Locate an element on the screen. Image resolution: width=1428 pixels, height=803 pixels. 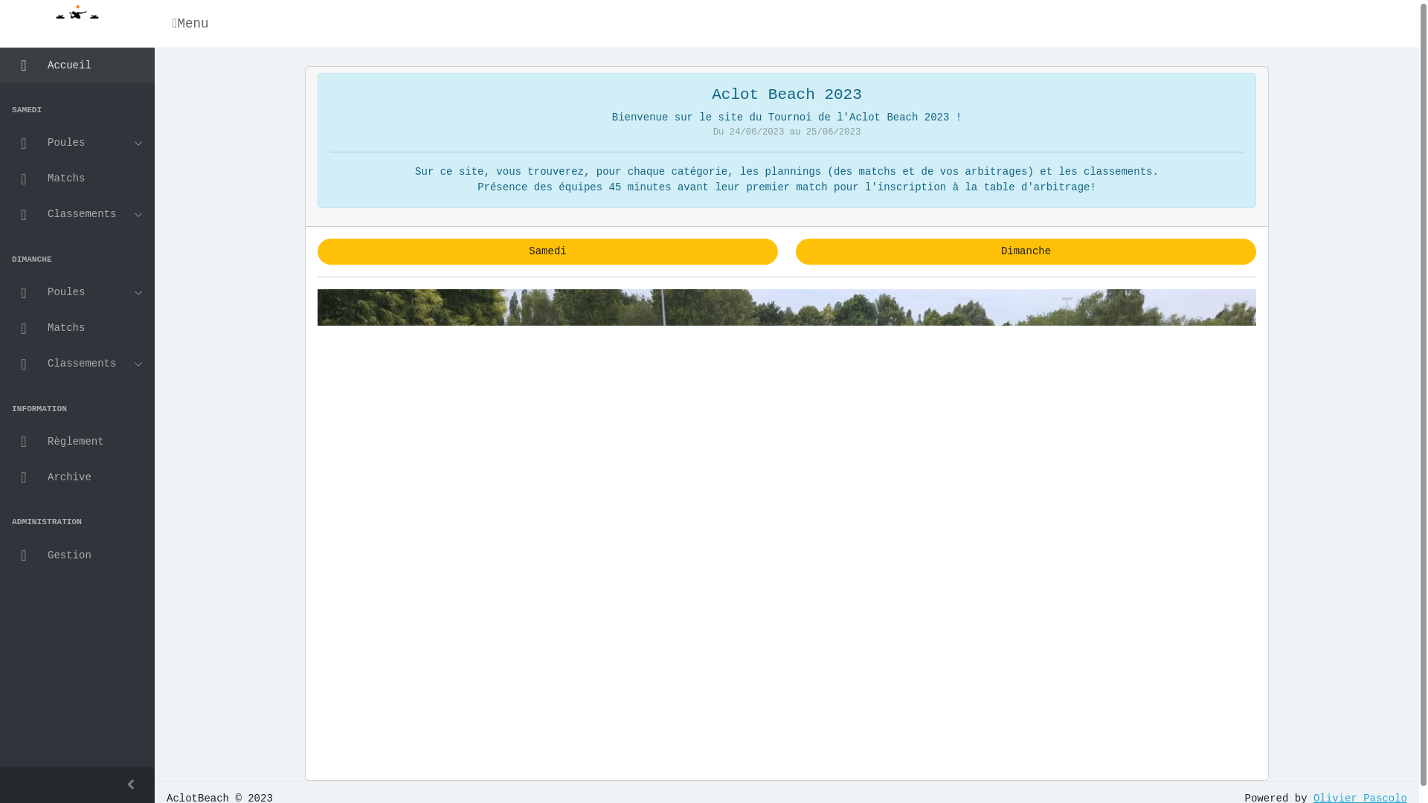
'Classements' is located at coordinates (77, 215).